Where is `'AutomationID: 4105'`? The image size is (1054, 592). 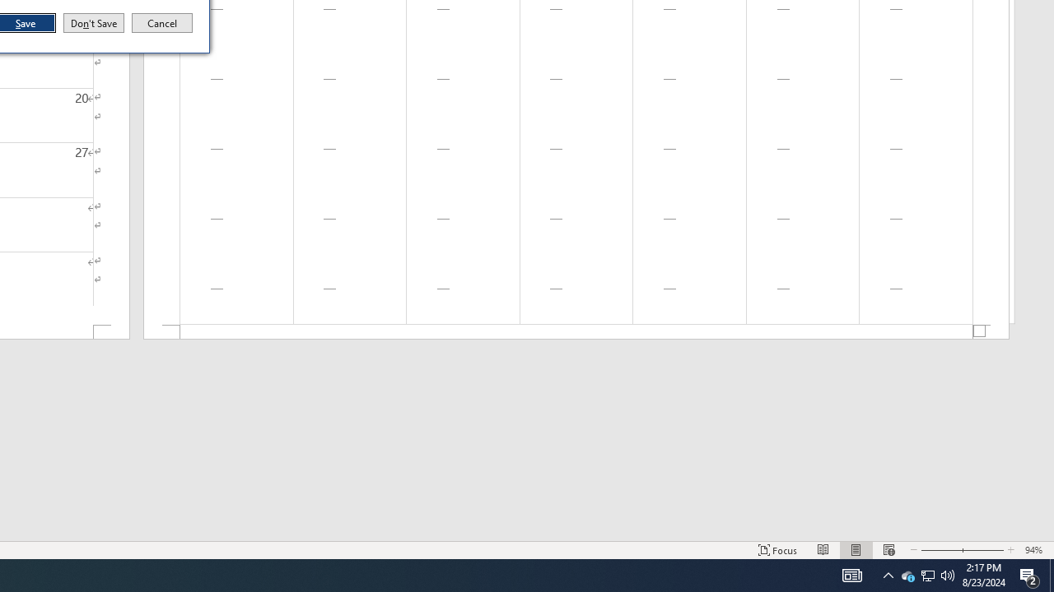
'AutomationID: 4105' is located at coordinates (851, 574).